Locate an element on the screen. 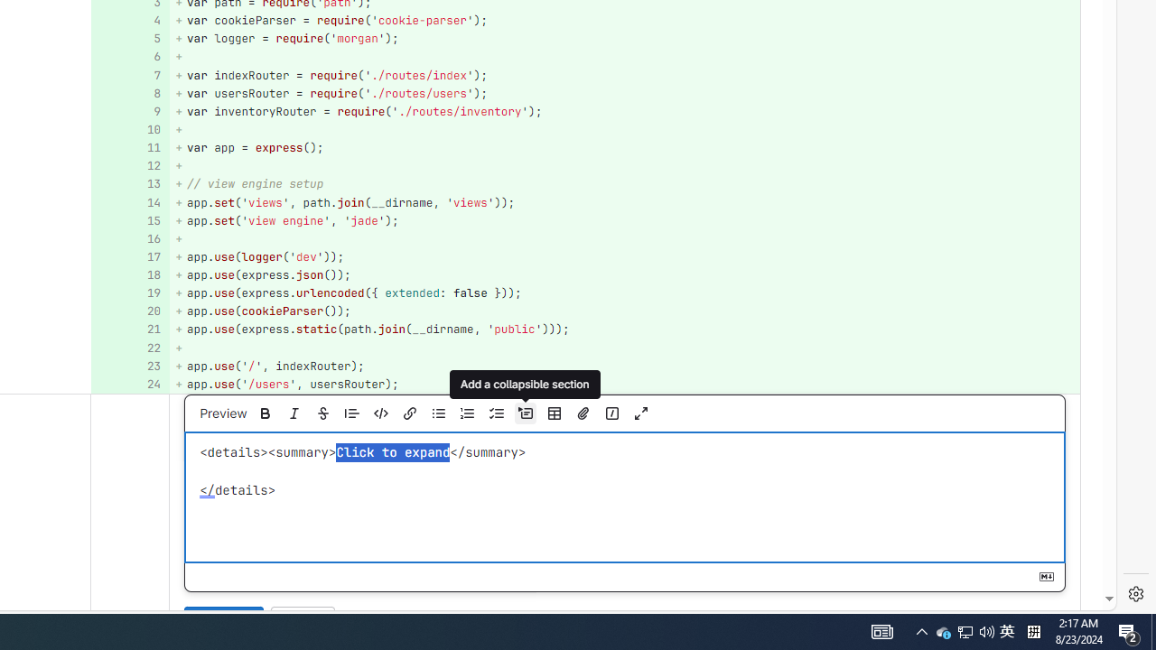 This screenshot has width=1156, height=650. 'Add a comment to this line 8' is located at coordinates (129, 93).